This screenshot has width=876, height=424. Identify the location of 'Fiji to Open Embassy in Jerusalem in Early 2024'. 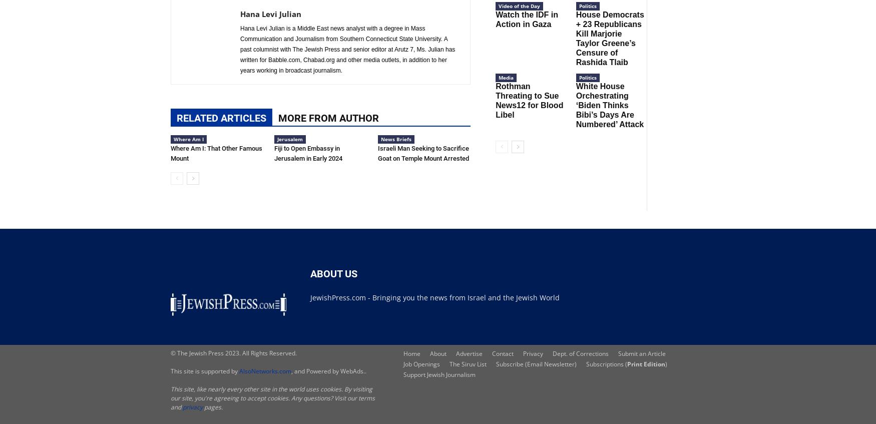
(307, 153).